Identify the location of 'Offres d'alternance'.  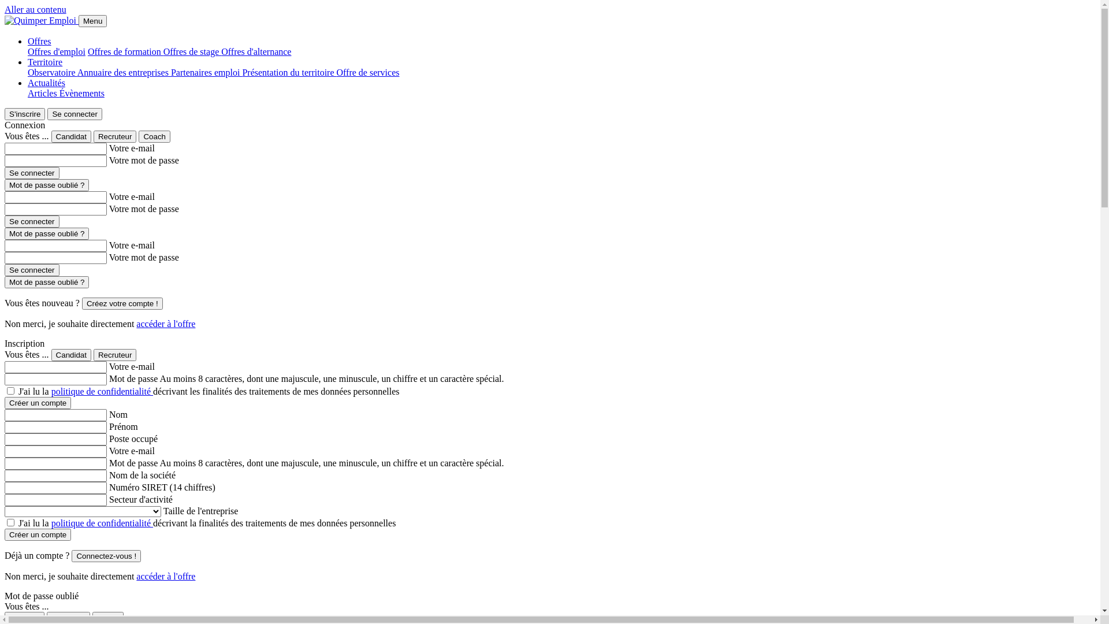
(255, 51).